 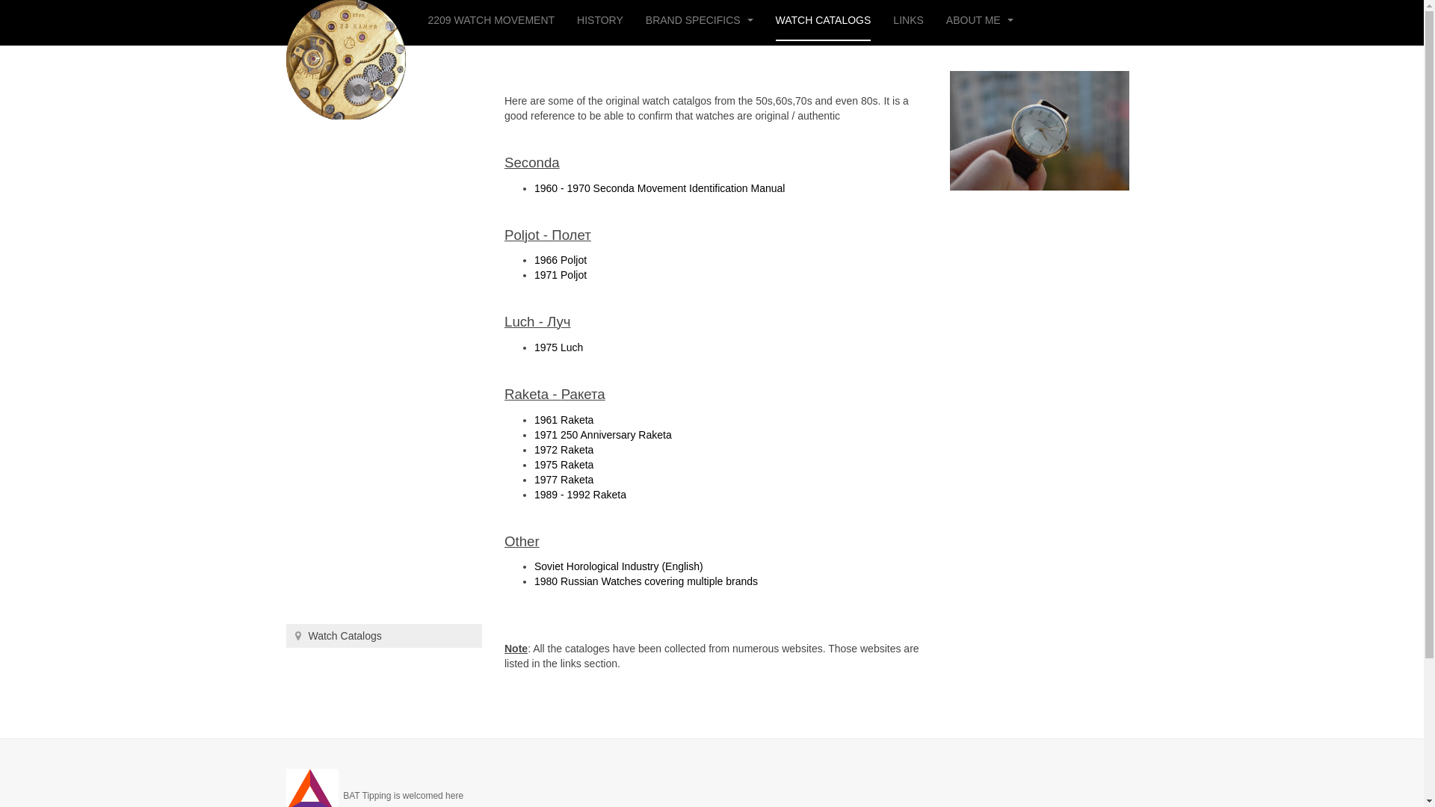 What do you see at coordinates (823, 20) in the screenshot?
I see `'WATCH CATALOGS'` at bounding box center [823, 20].